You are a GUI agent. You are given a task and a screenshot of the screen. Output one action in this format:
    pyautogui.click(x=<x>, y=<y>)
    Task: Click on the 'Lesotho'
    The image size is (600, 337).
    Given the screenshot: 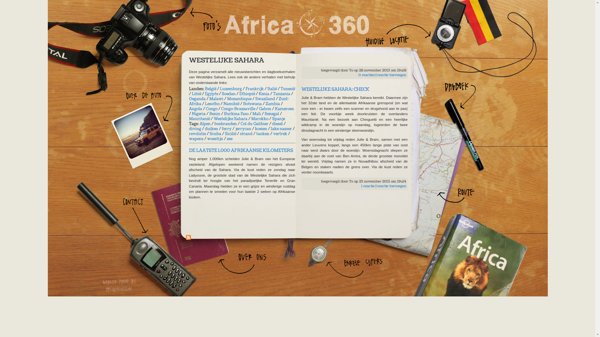 What is the action you would take?
    pyautogui.click(x=212, y=103)
    